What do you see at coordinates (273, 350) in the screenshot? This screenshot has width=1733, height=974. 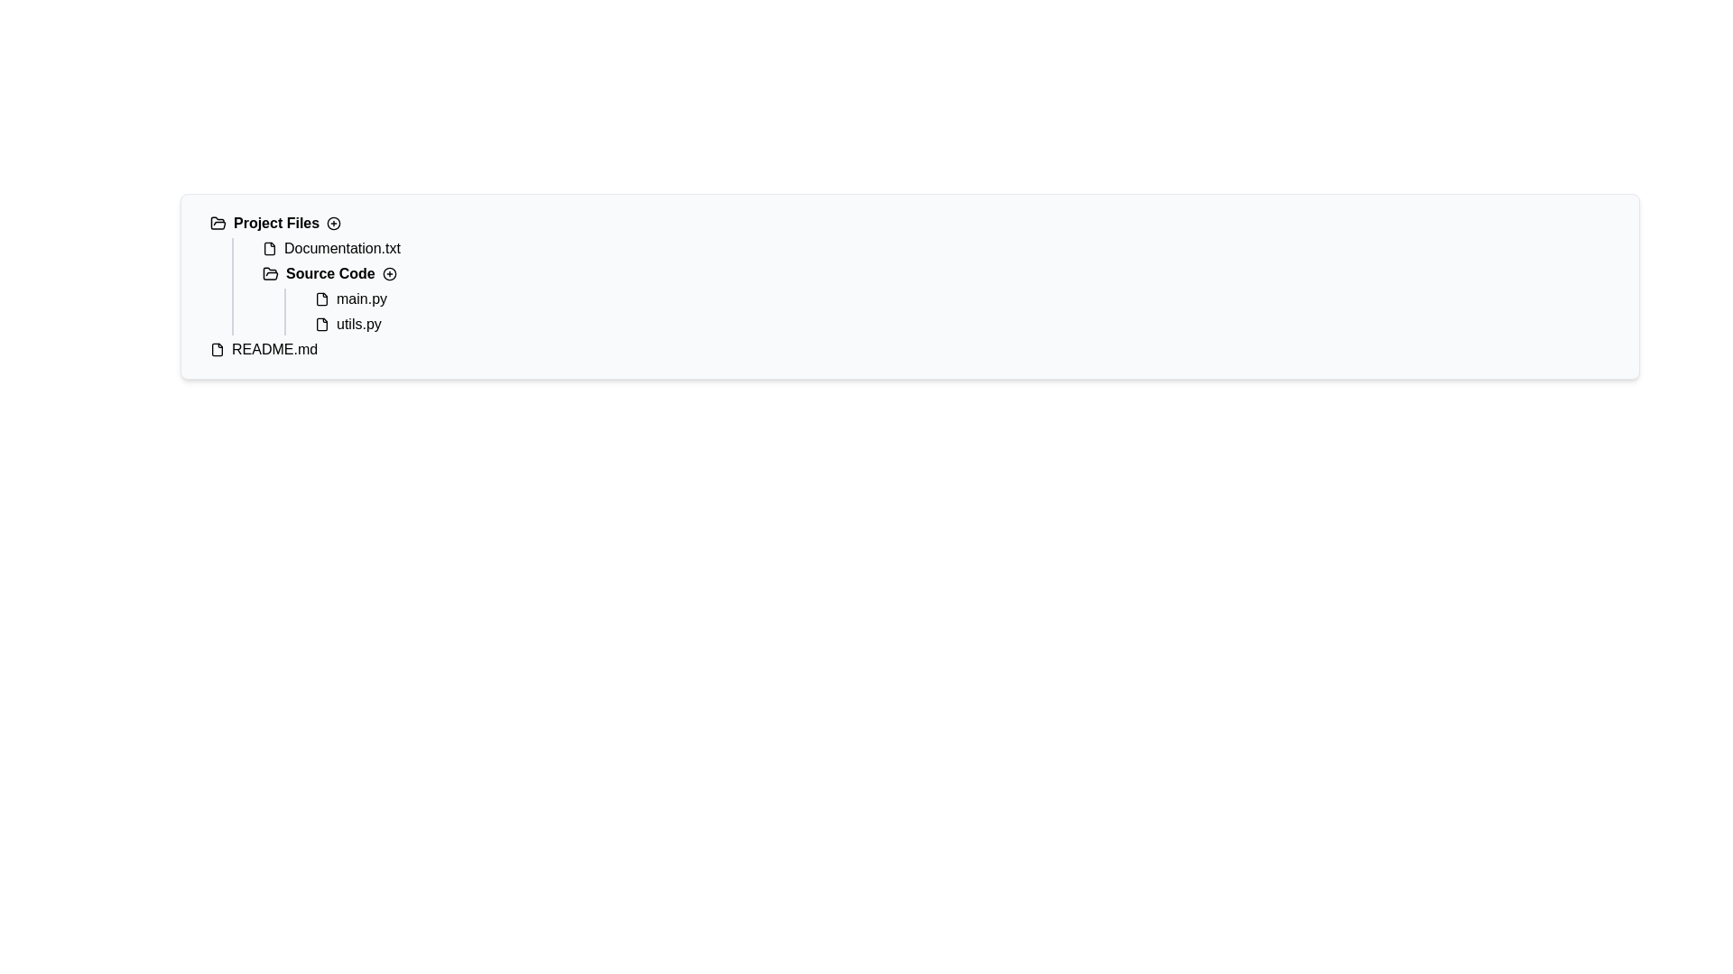 I see `the 'README.md' text label located under the 'Project Files' root folder in the tree structure` at bounding box center [273, 350].